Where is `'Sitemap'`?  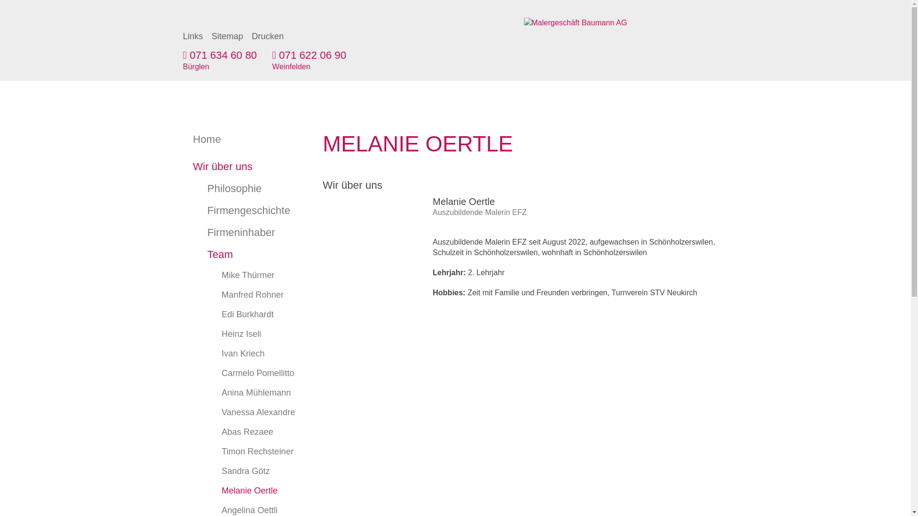
'Sitemap' is located at coordinates (227, 36).